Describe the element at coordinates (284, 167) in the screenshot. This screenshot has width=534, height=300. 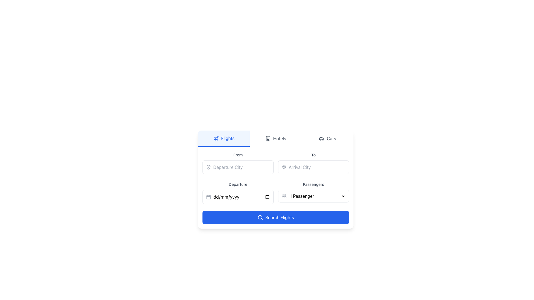
I see `the location icon positioned to the left of the 'Arrival City' input field in the 'To' section of the user interface` at that location.